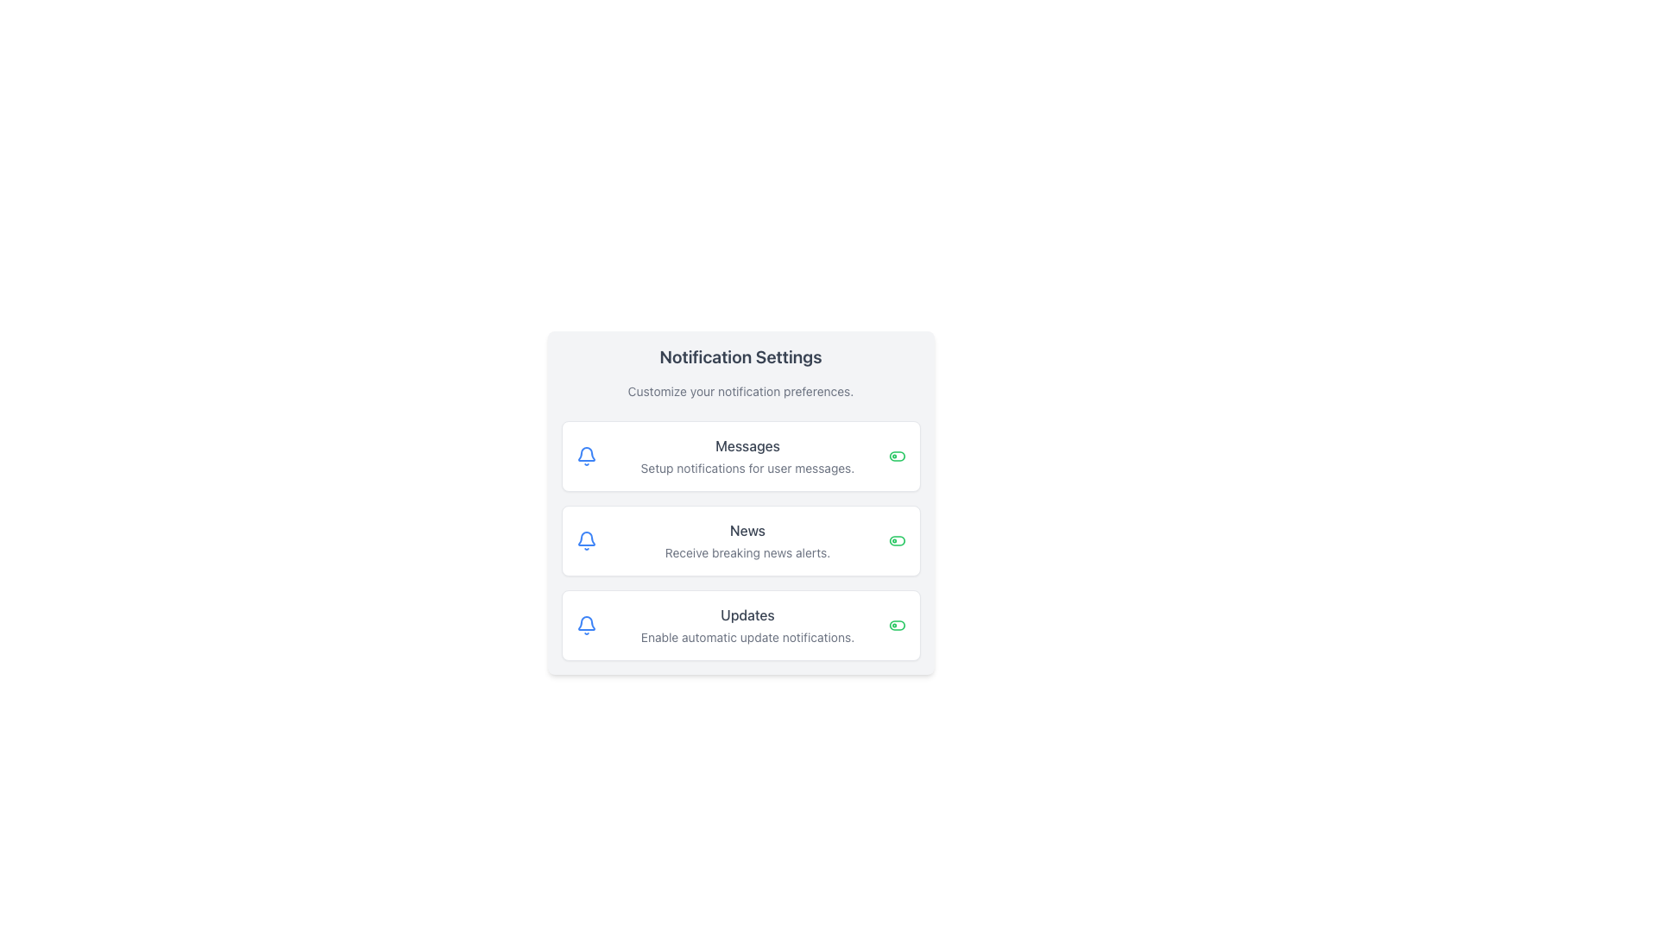 The image size is (1657, 932). Describe the element at coordinates (747, 638) in the screenshot. I see `secondary text located in the 'Updates' section, styled in a smaller gray font beneath the primary heading 'Updates'` at that location.